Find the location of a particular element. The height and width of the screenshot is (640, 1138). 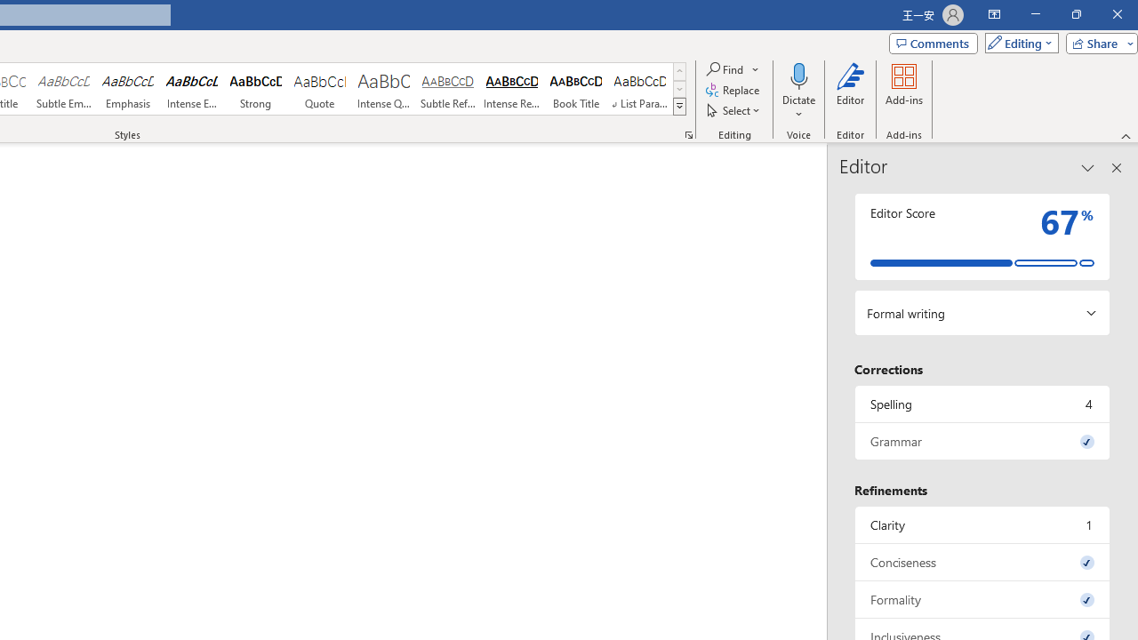

'More Options' is located at coordinates (798, 108).